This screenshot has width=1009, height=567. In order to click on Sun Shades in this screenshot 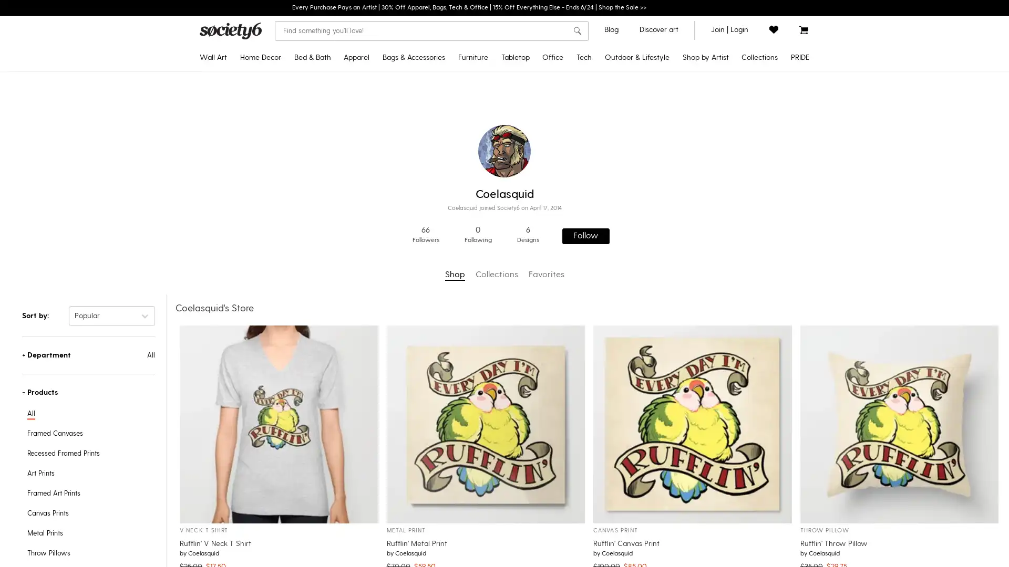, I will do `click(651, 321)`.